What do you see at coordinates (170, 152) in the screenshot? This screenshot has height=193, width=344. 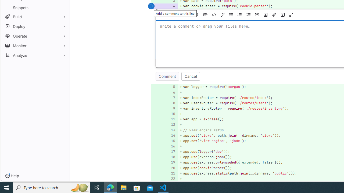 I see `'17'` at bounding box center [170, 152].